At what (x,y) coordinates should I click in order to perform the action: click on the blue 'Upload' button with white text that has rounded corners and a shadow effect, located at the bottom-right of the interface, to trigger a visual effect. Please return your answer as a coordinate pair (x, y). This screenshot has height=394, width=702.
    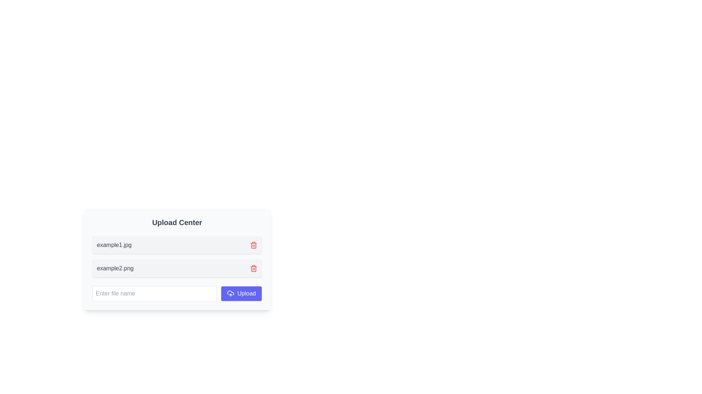
    Looking at the image, I should click on (241, 293).